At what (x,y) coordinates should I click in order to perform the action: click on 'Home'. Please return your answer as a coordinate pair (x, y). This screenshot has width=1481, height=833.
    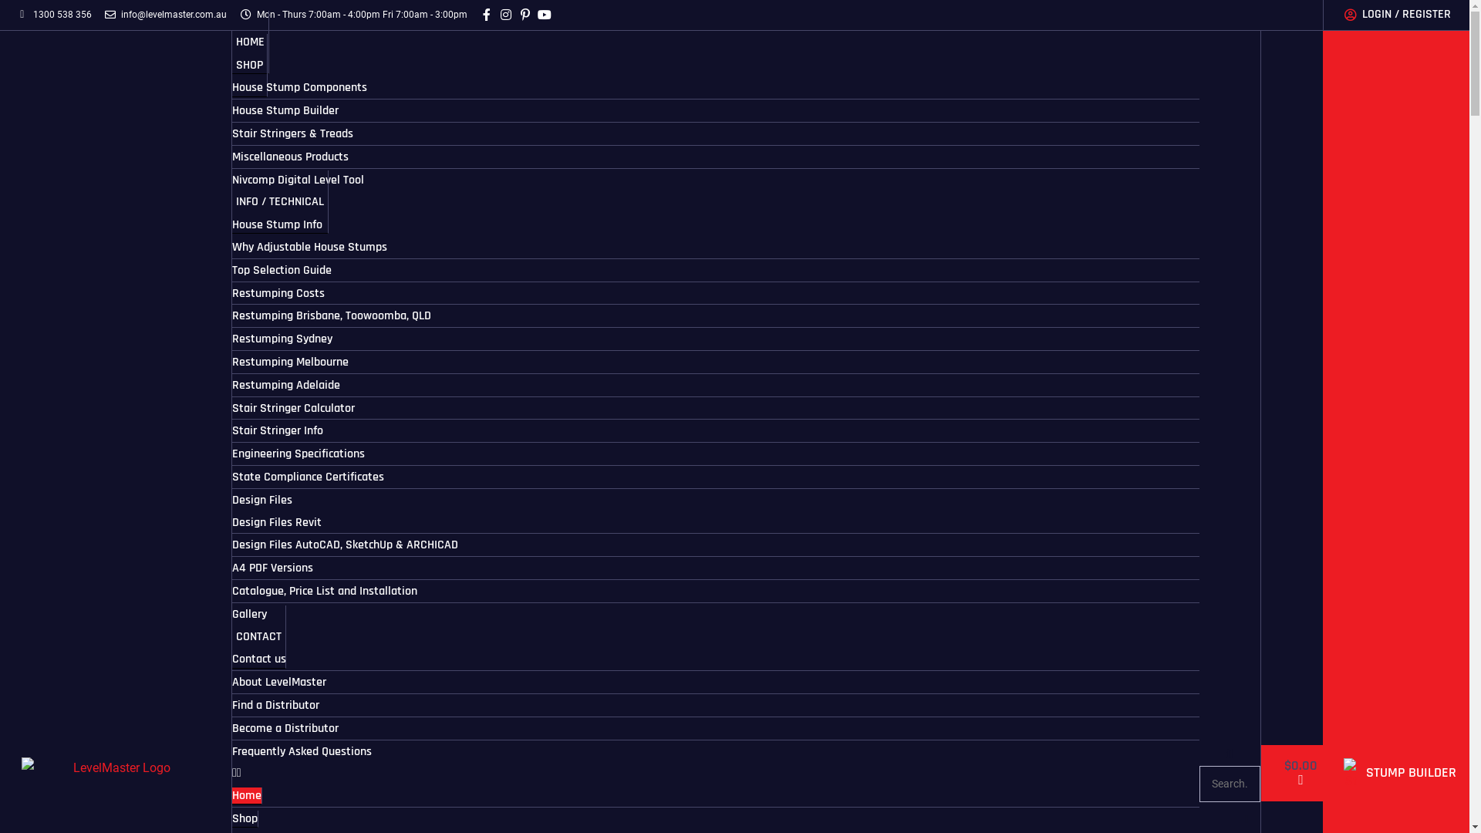
    Looking at the image, I should click on (247, 796).